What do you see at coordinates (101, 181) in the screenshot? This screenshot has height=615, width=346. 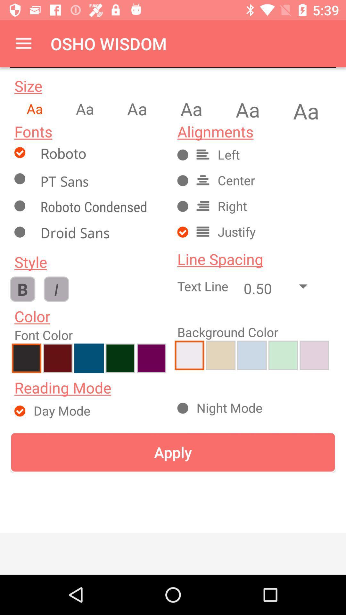 I see `pt sans font` at bounding box center [101, 181].